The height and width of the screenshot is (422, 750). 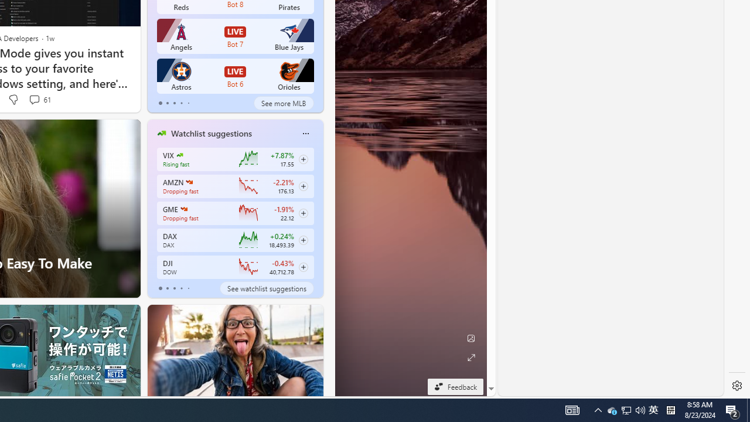 I want to click on 'Edit Background', so click(x=471, y=338).